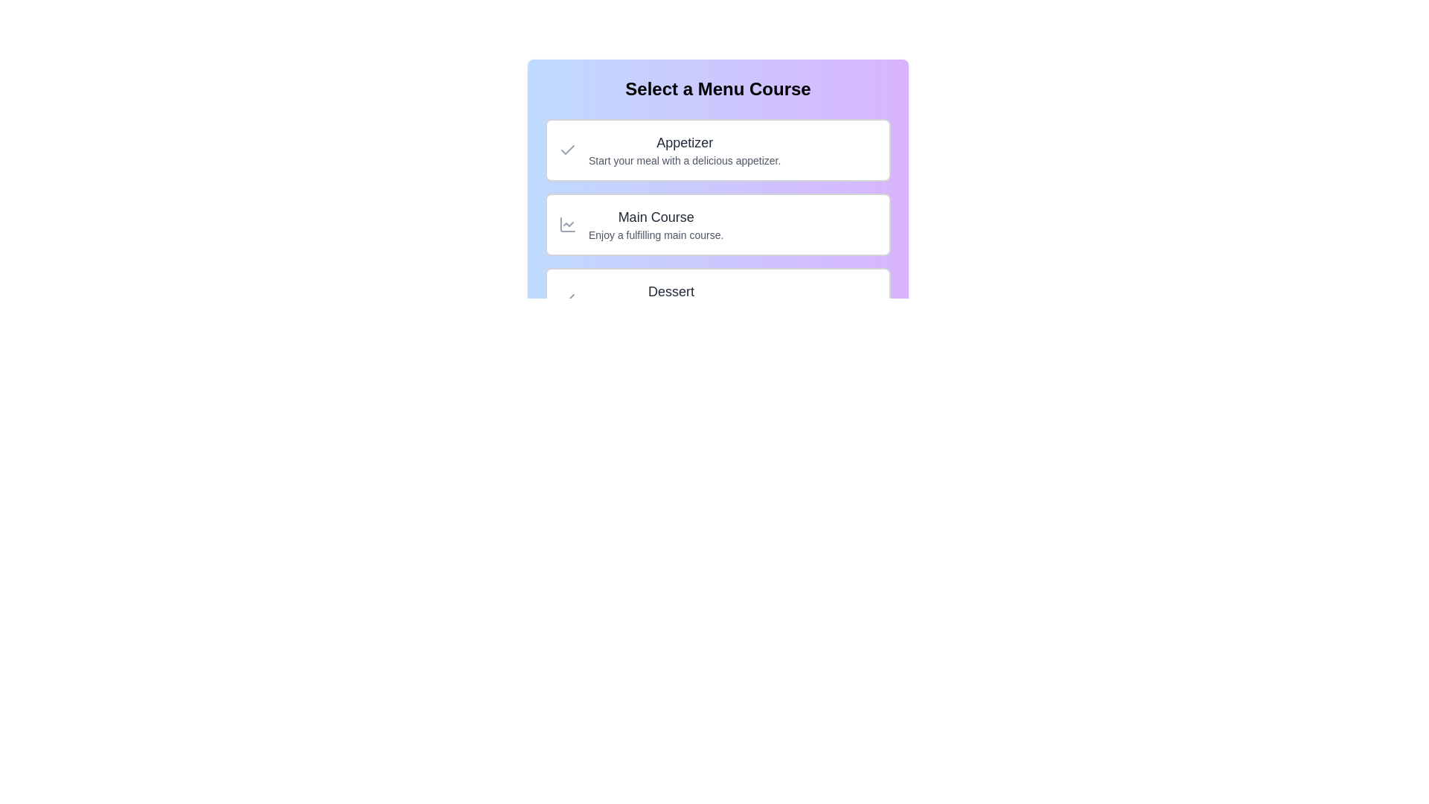  Describe the element at coordinates (670, 292) in the screenshot. I see `the Text Label that serves as the header for the 'Dessert' menu section, which is positioned in the bottom section of the panel containing selectable menu options` at that location.